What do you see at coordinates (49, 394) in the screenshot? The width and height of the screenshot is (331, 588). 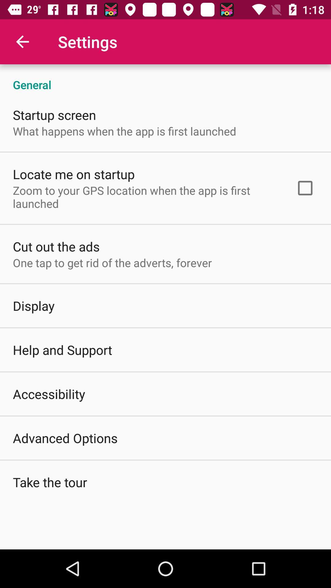 I see `the item below the help and support icon` at bounding box center [49, 394].